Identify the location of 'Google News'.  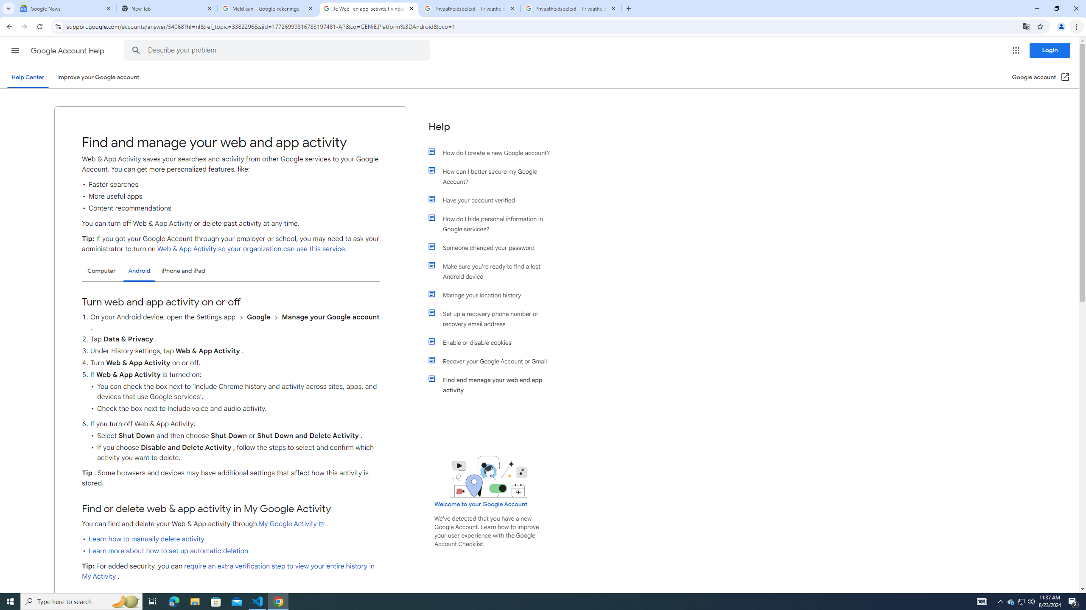
(66, 8).